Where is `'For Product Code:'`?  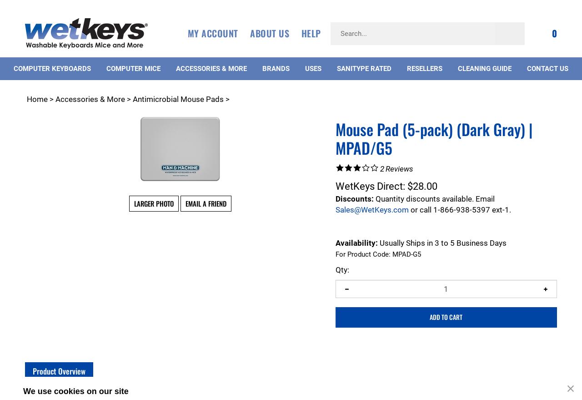
'For Product Code:' is located at coordinates (362, 254).